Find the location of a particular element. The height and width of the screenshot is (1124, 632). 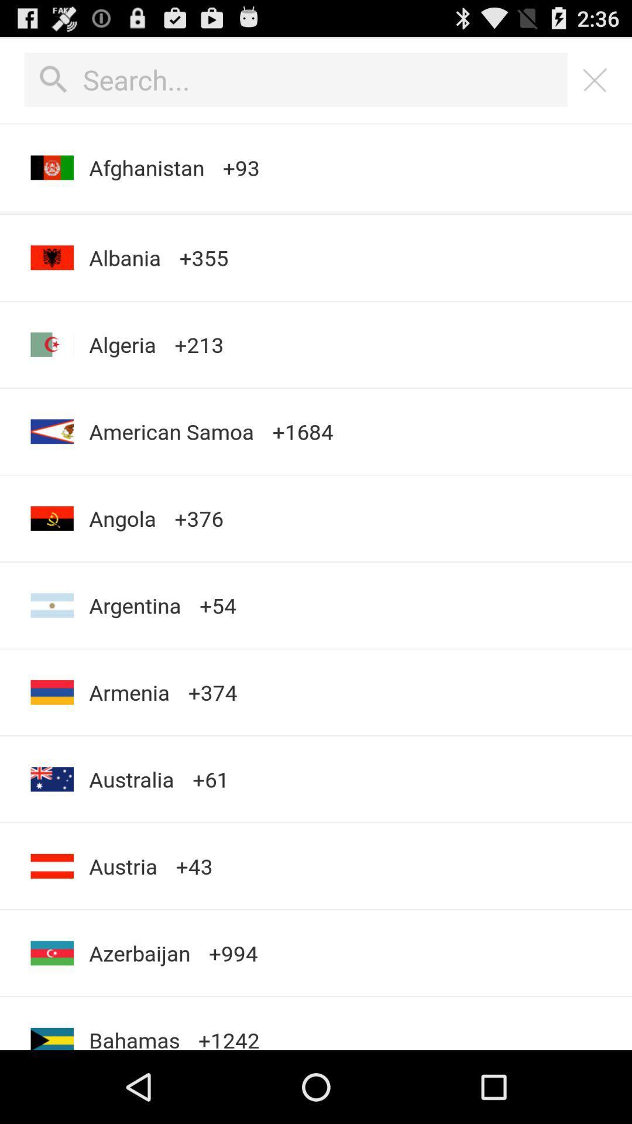

+994 app is located at coordinates (233, 953).